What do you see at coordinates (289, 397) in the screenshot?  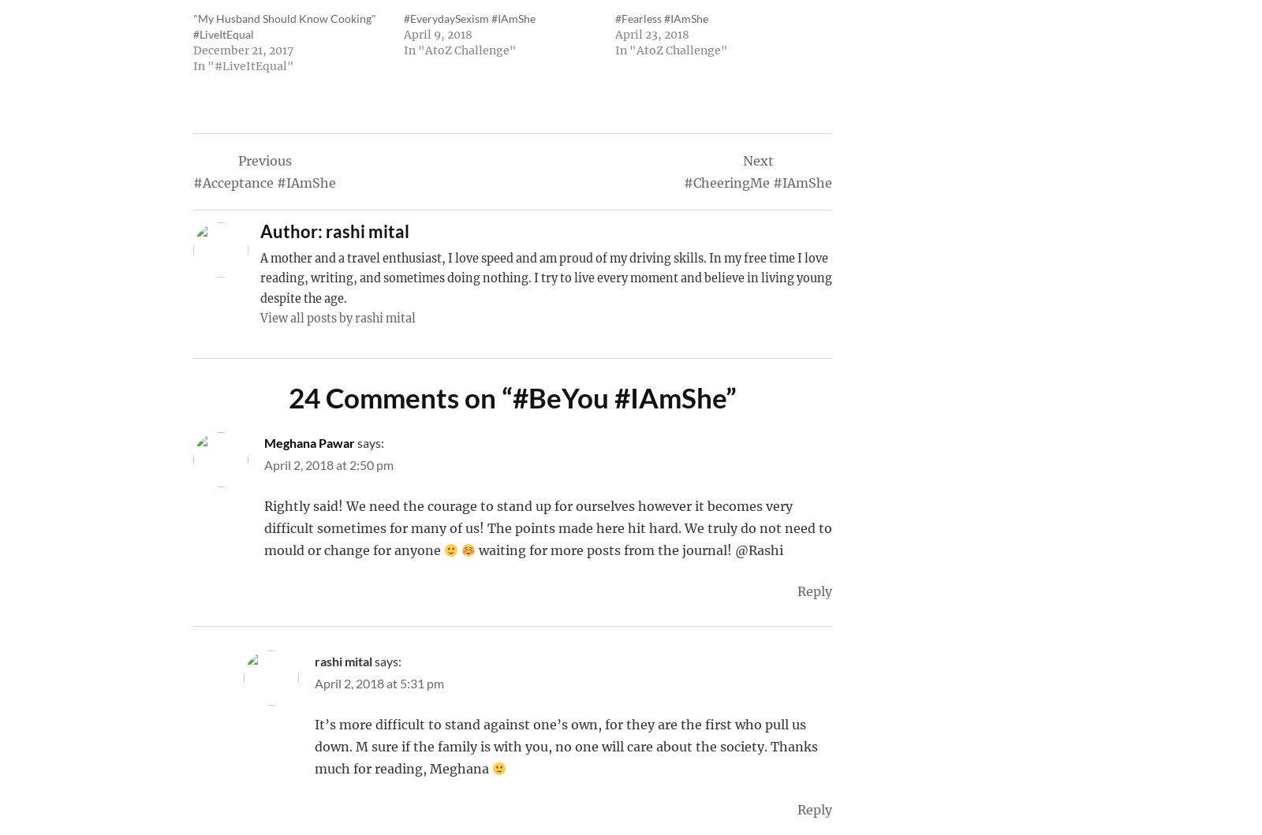 I see `'24 Comments on “'` at bounding box center [289, 397].